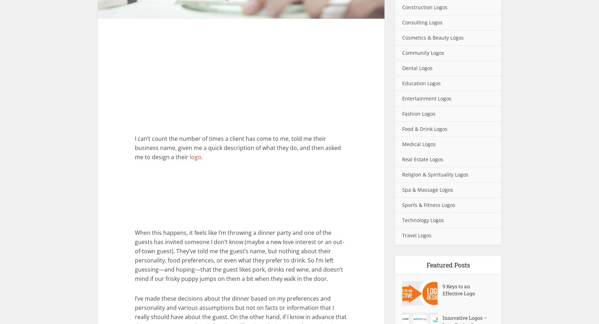  Describe the element at coordinates (422, 22) in the screenshot. I see `'Consulting Logos'` at that location.